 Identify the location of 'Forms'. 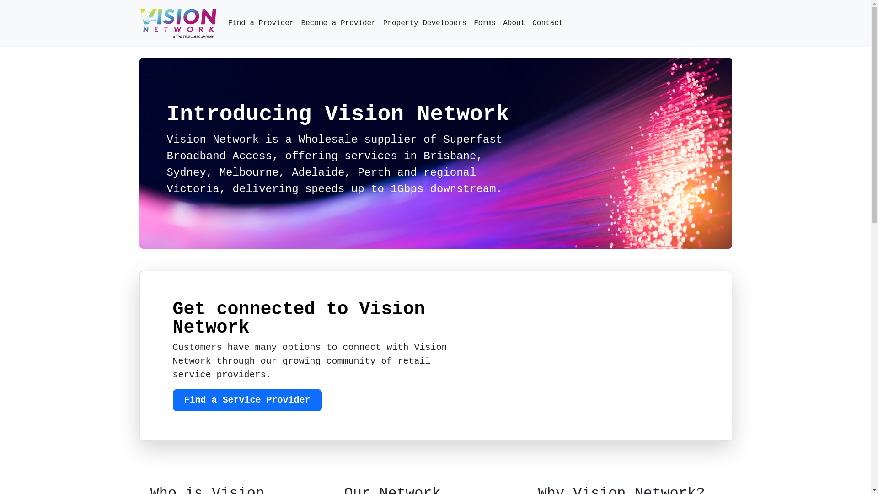
(484, 22).